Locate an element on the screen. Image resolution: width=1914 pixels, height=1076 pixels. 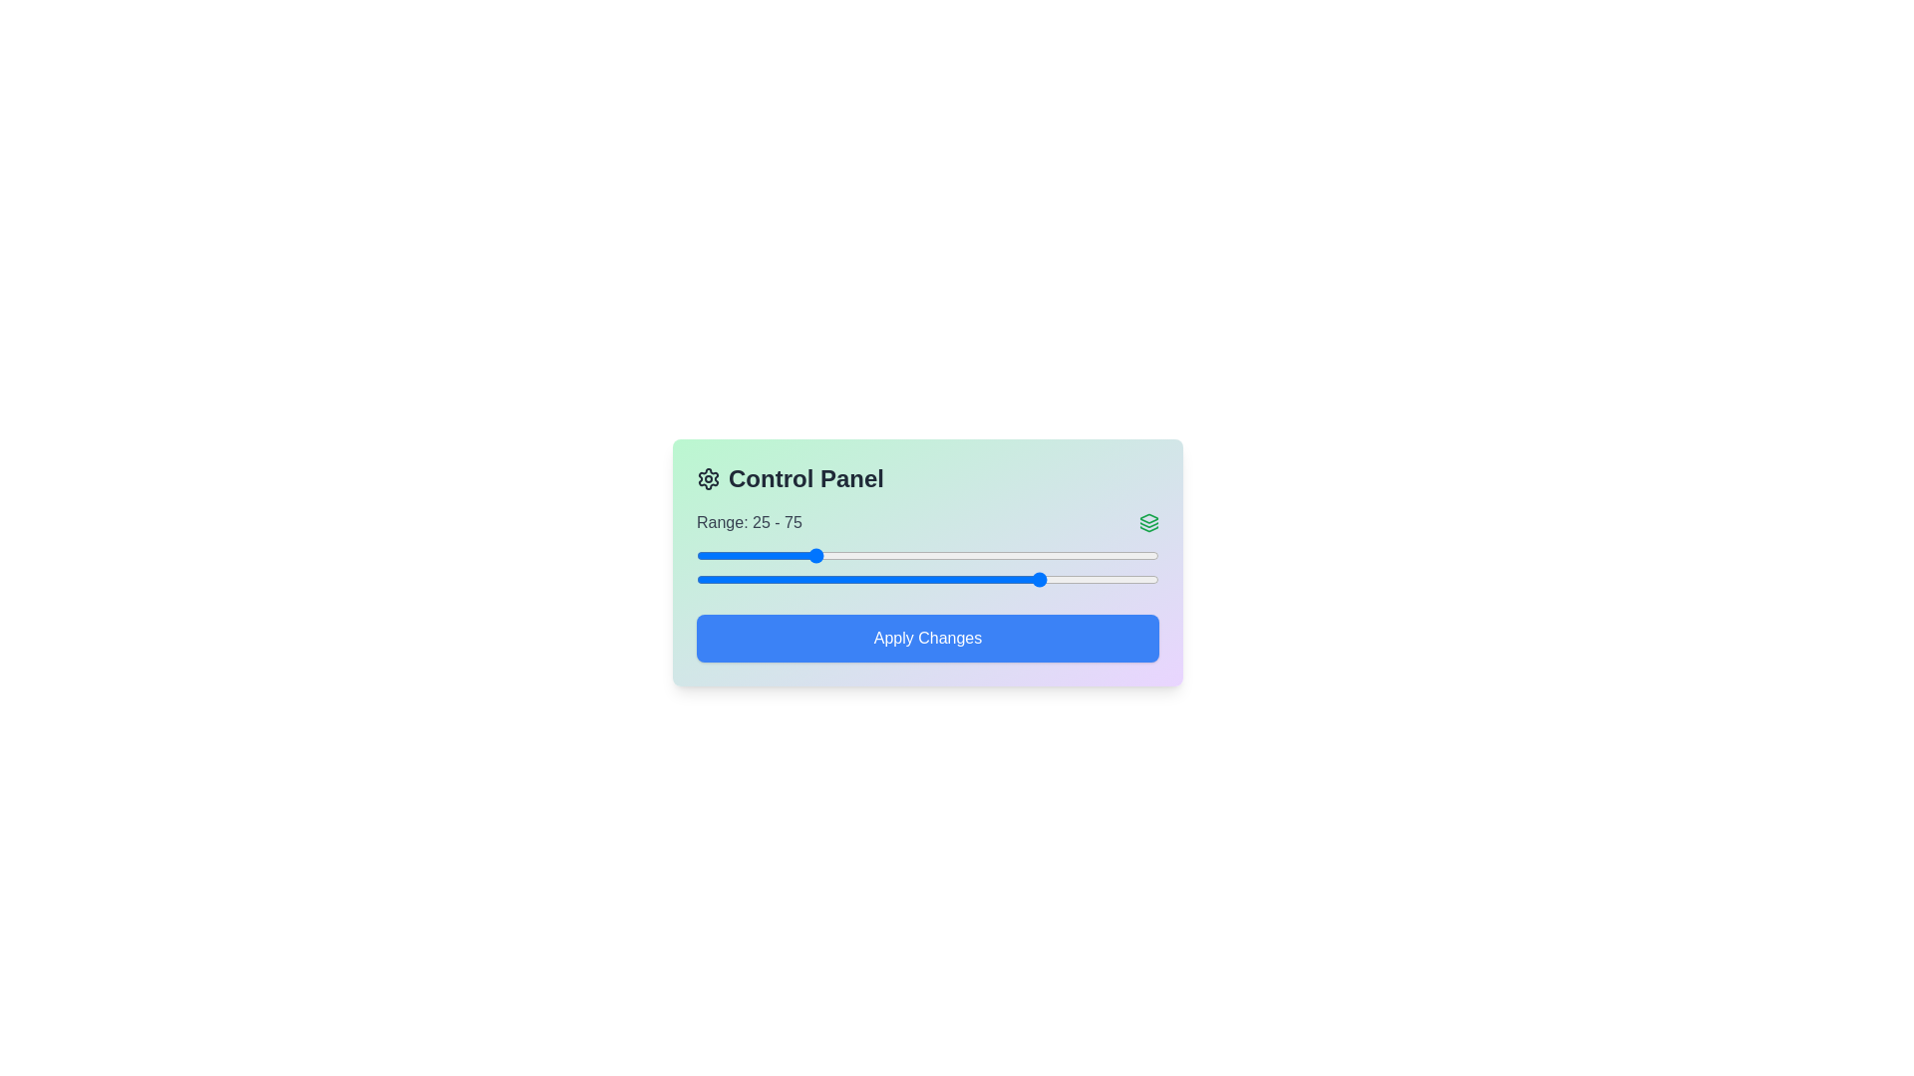
the left slider to set the starting value to 27 is located at coordinates (821, 556).